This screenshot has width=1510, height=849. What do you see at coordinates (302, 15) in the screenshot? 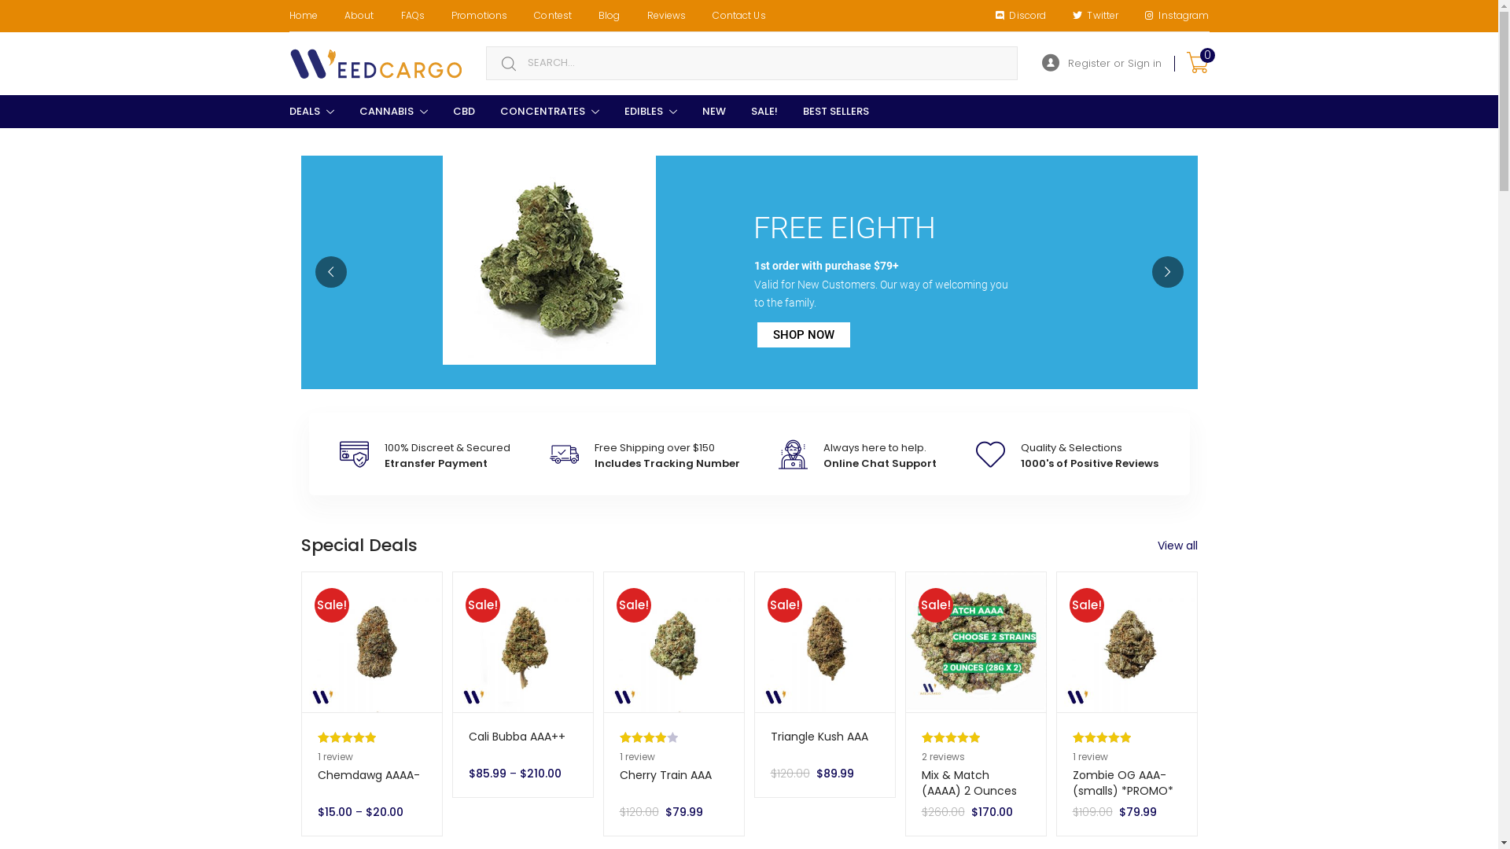
I see `'Home'` at bounding box center [302, 15].